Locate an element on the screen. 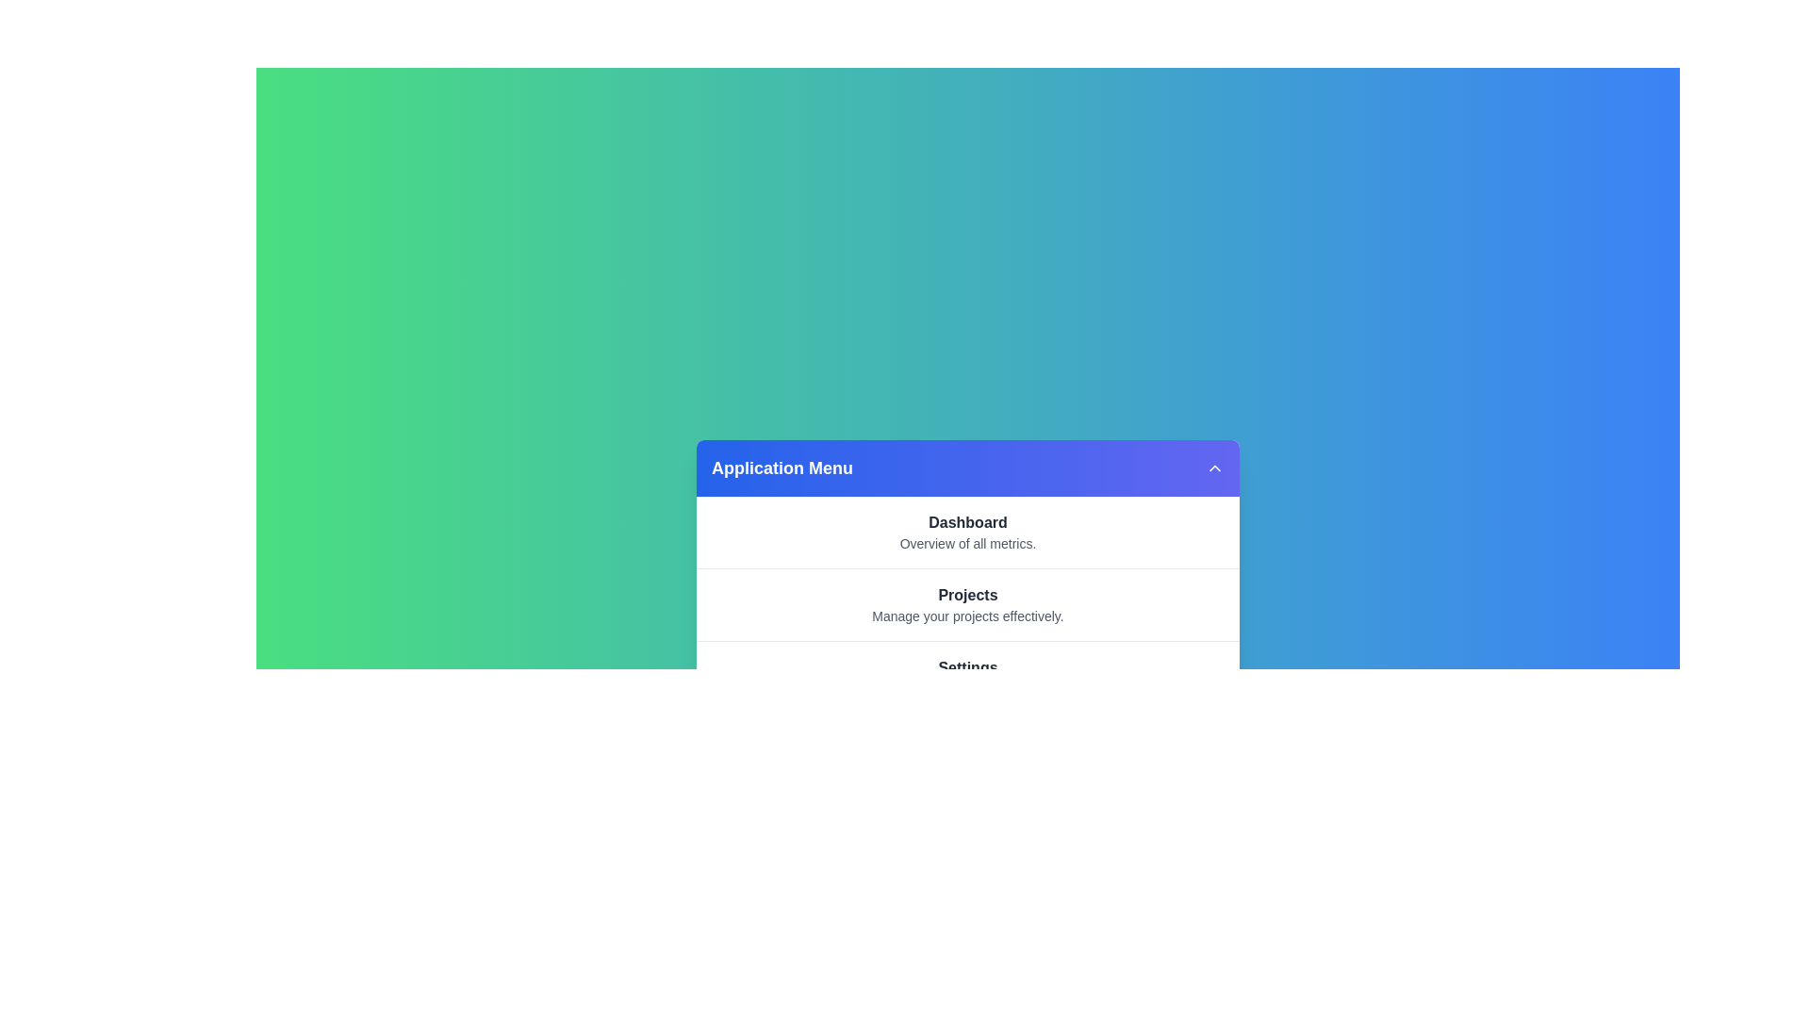  the menu item labeled Settings to view its details is located at coordinates (968, 667).